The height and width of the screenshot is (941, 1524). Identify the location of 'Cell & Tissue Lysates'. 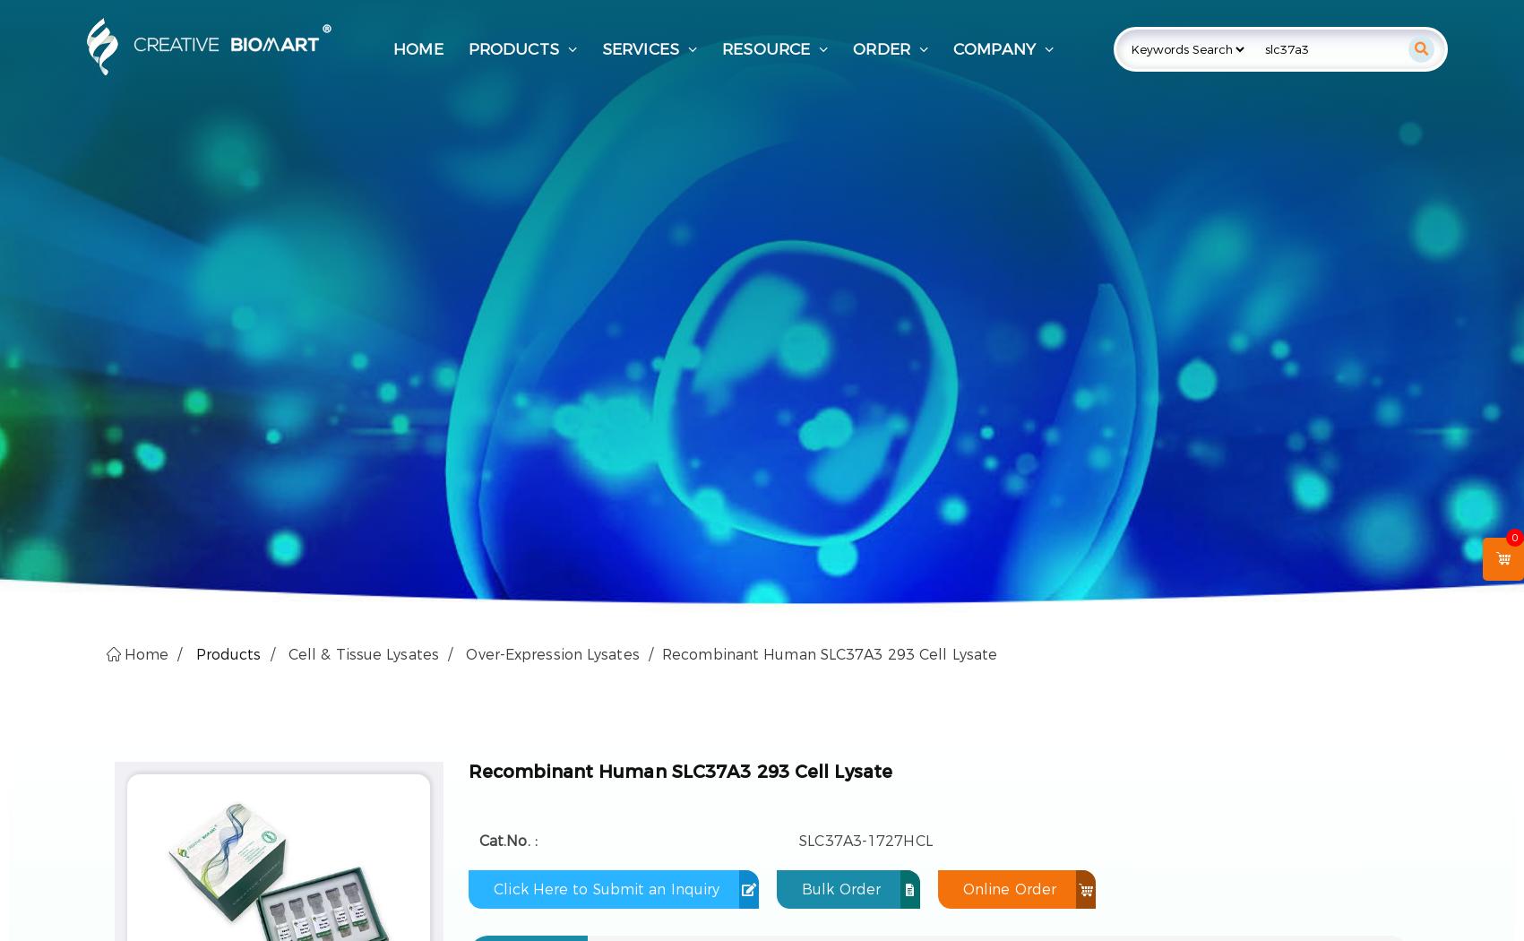
(362, 653).